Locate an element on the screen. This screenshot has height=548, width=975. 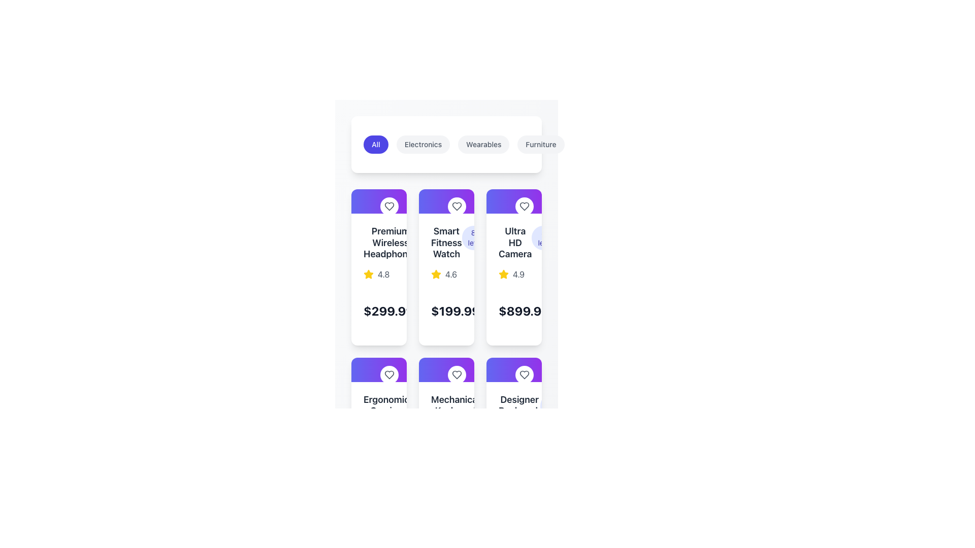
rating and price displayed in the Information display section of the product card, which is centrally located below the purple header is located at coordinates (514, 279).